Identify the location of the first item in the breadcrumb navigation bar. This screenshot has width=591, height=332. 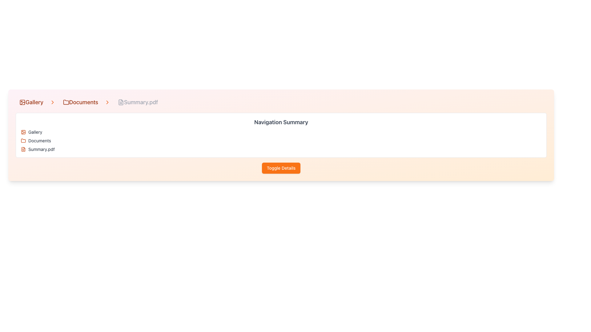
(35, 102).